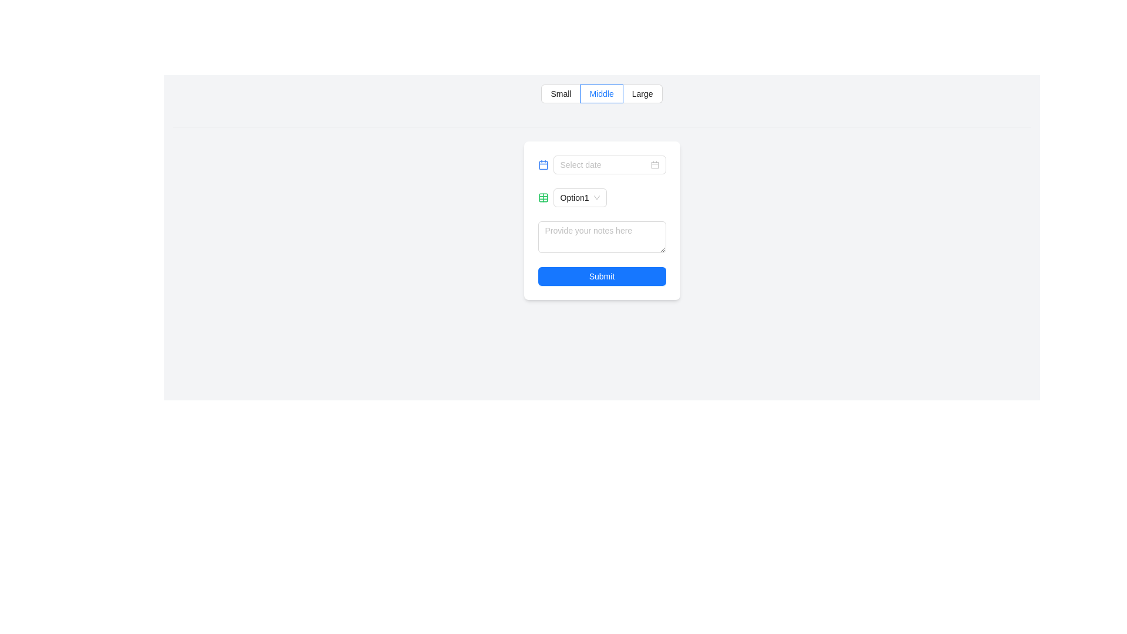 This screenshot has height=634, width=1127. What do you see at coordinates (642, 93) in the screenshot?
I see `the 'Large' radio button` at bounding box center [642, 93].